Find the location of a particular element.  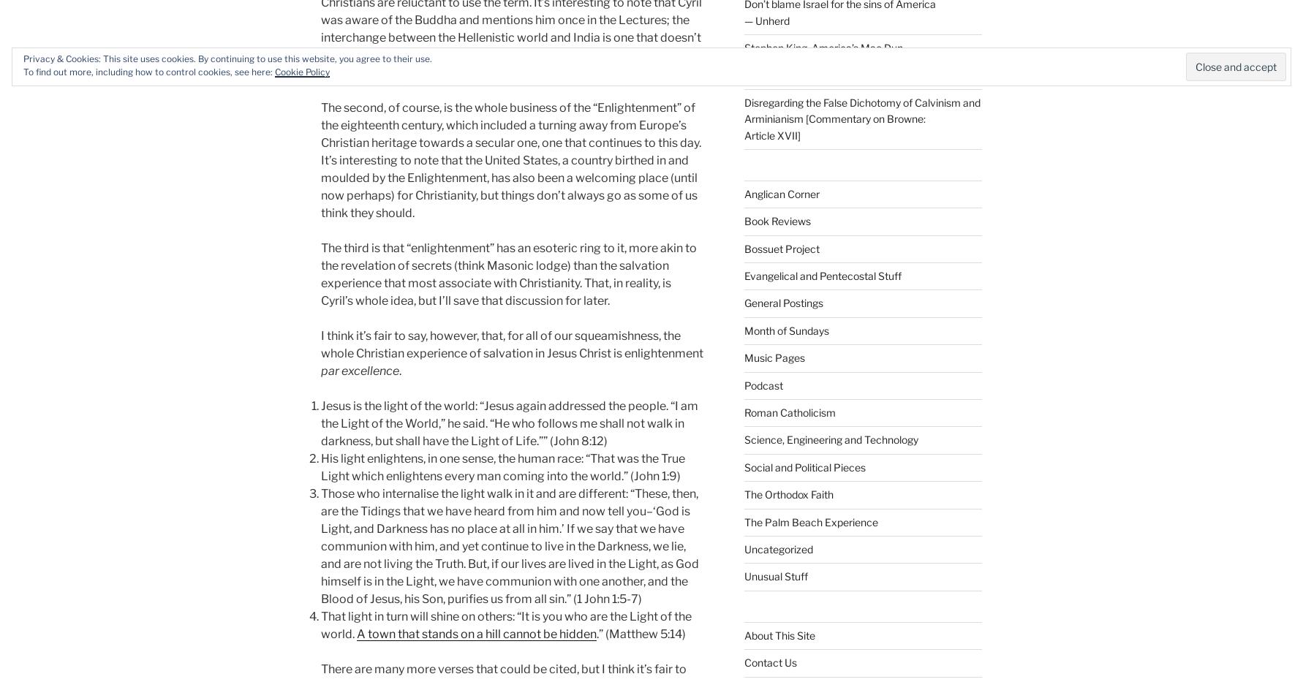

'Roman Catholicism' is located at coordinates (789, 412).